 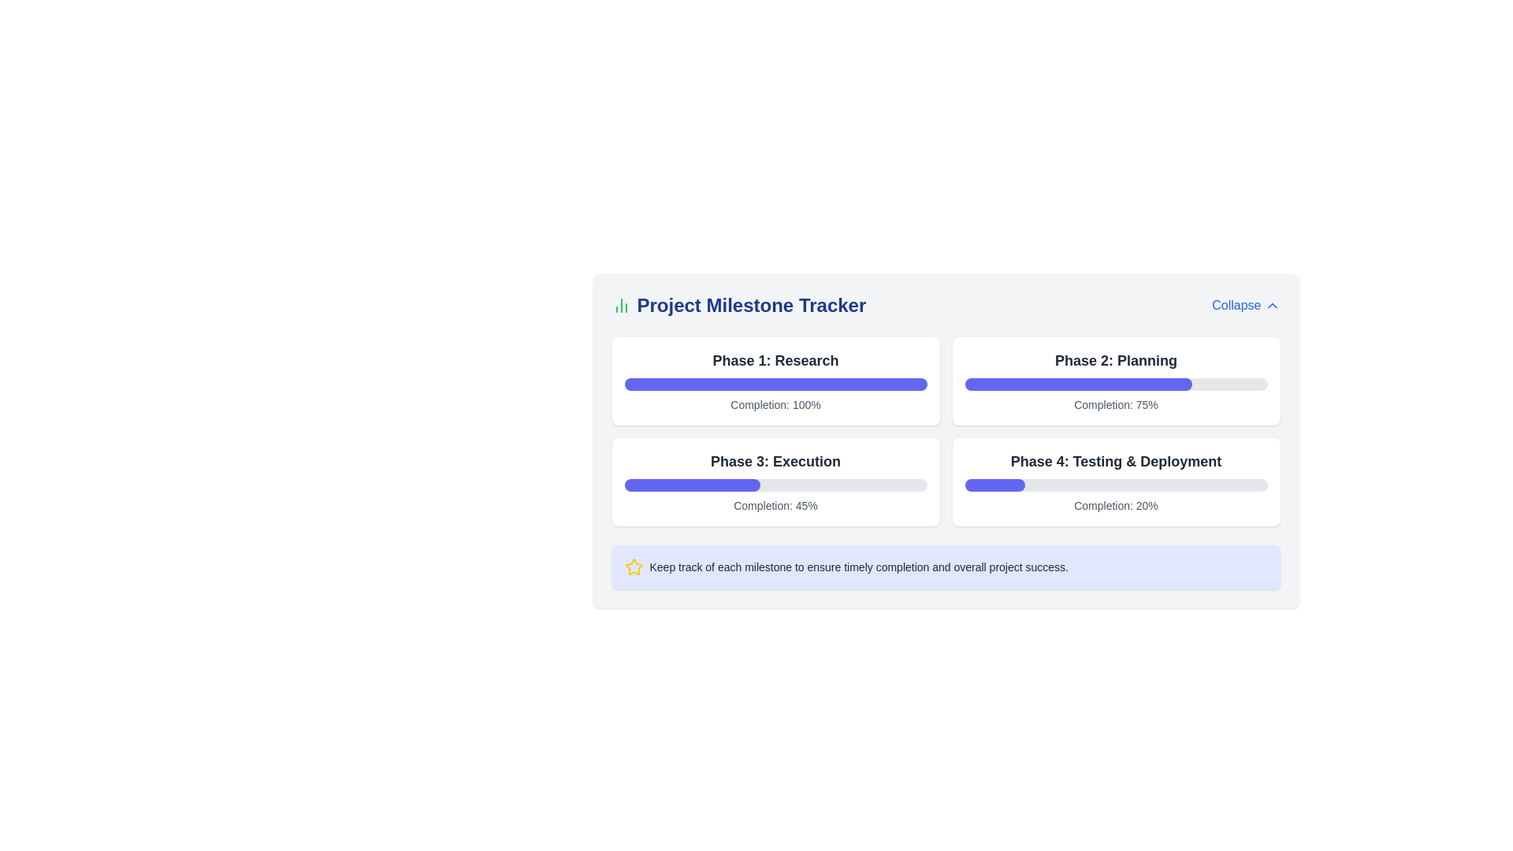 I want to click on the header text for 'Phase 3: Execution' in the bottom-left section of the milestone tracker grid, which is positioned above the progress bar and completion percentage text, so click(x=775, y=461).